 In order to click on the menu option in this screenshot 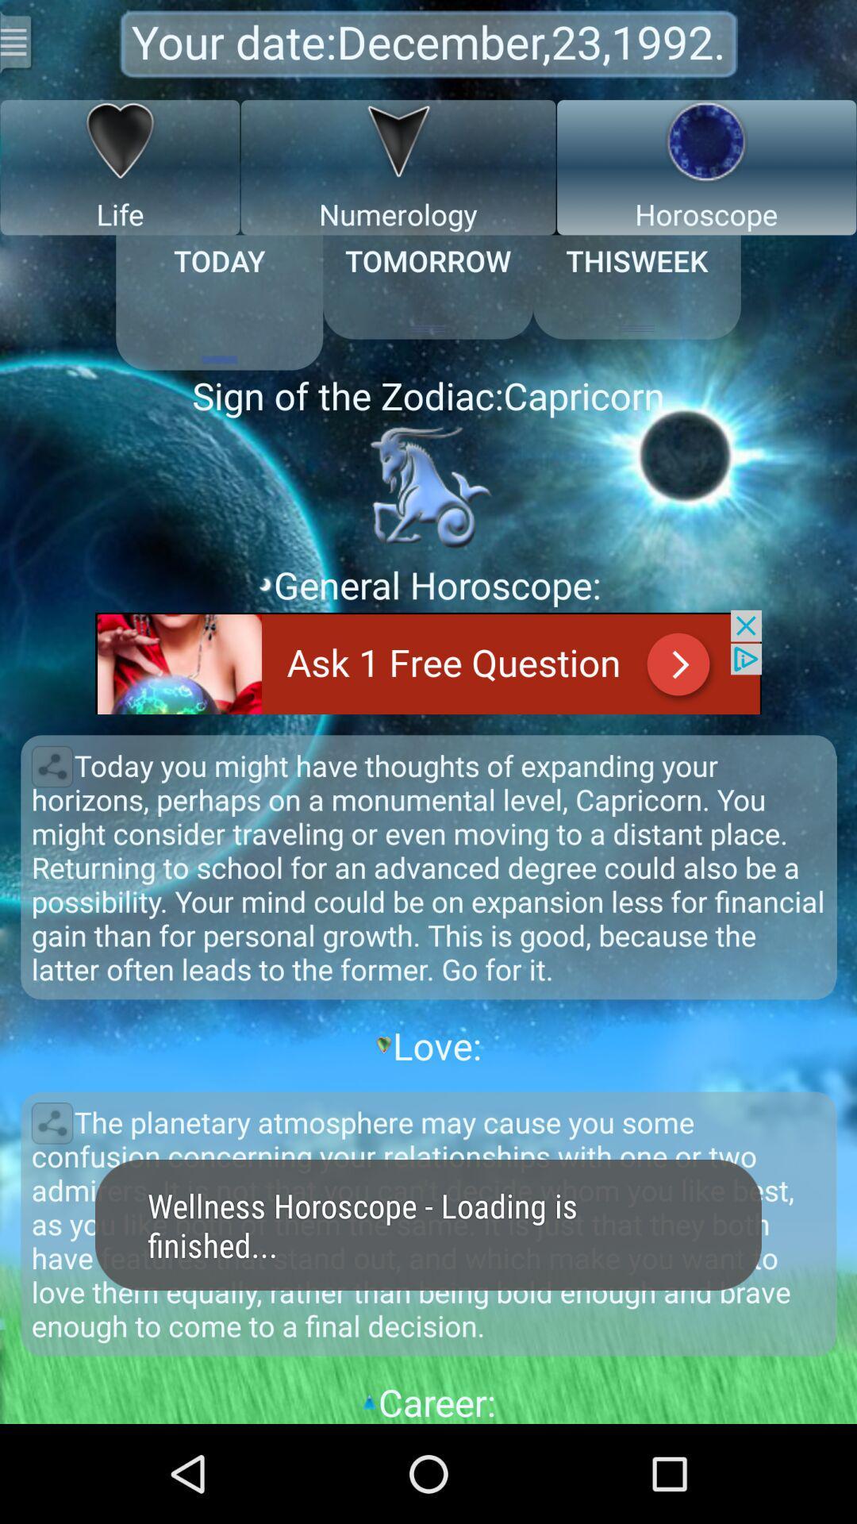, I will do `click(17, 41)`.